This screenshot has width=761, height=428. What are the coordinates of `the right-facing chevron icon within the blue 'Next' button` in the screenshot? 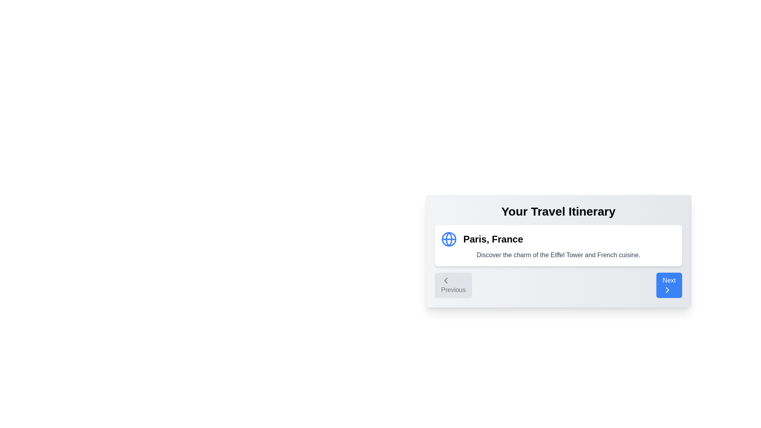 It's located at (667, 290).